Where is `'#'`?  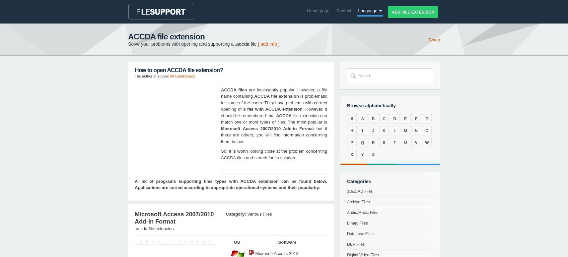
'#' is located at coordinates (351, 118).